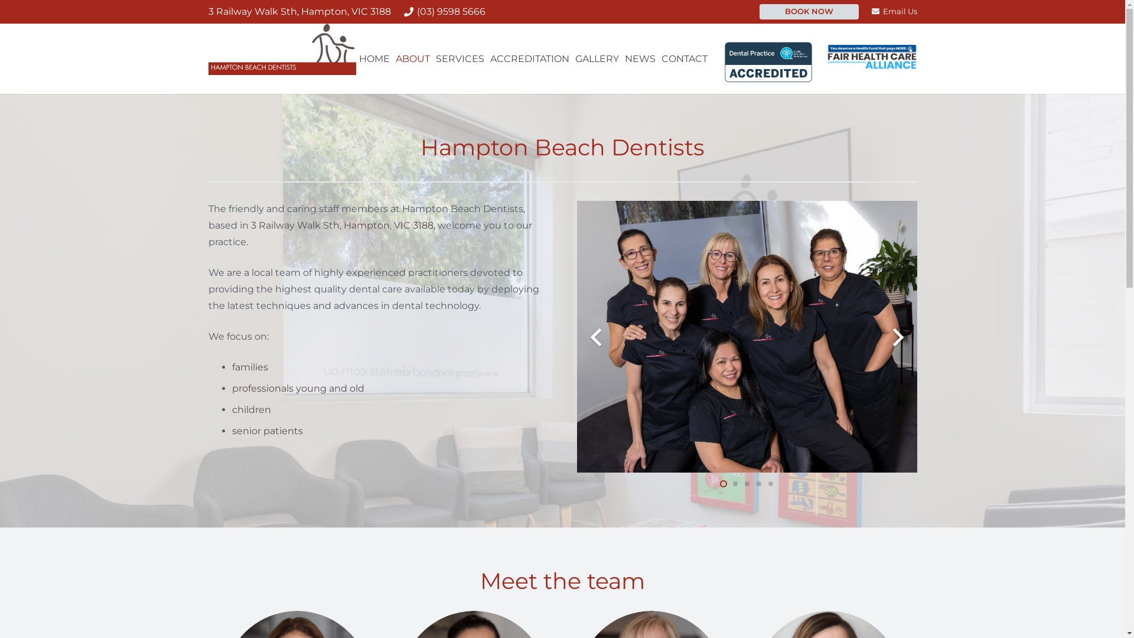 The image size is (1134, 638). What do you see at coordinates (459, 58) in the screenshot?
I see `'SERVICES'` at bounding box center [459, 58].